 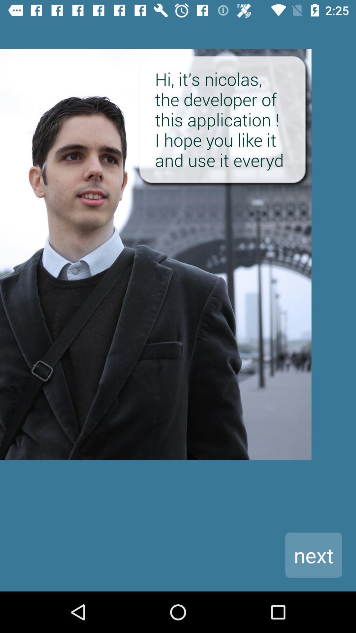 I want to click on icon at the bottom right corner, so click(x=313, y=555).